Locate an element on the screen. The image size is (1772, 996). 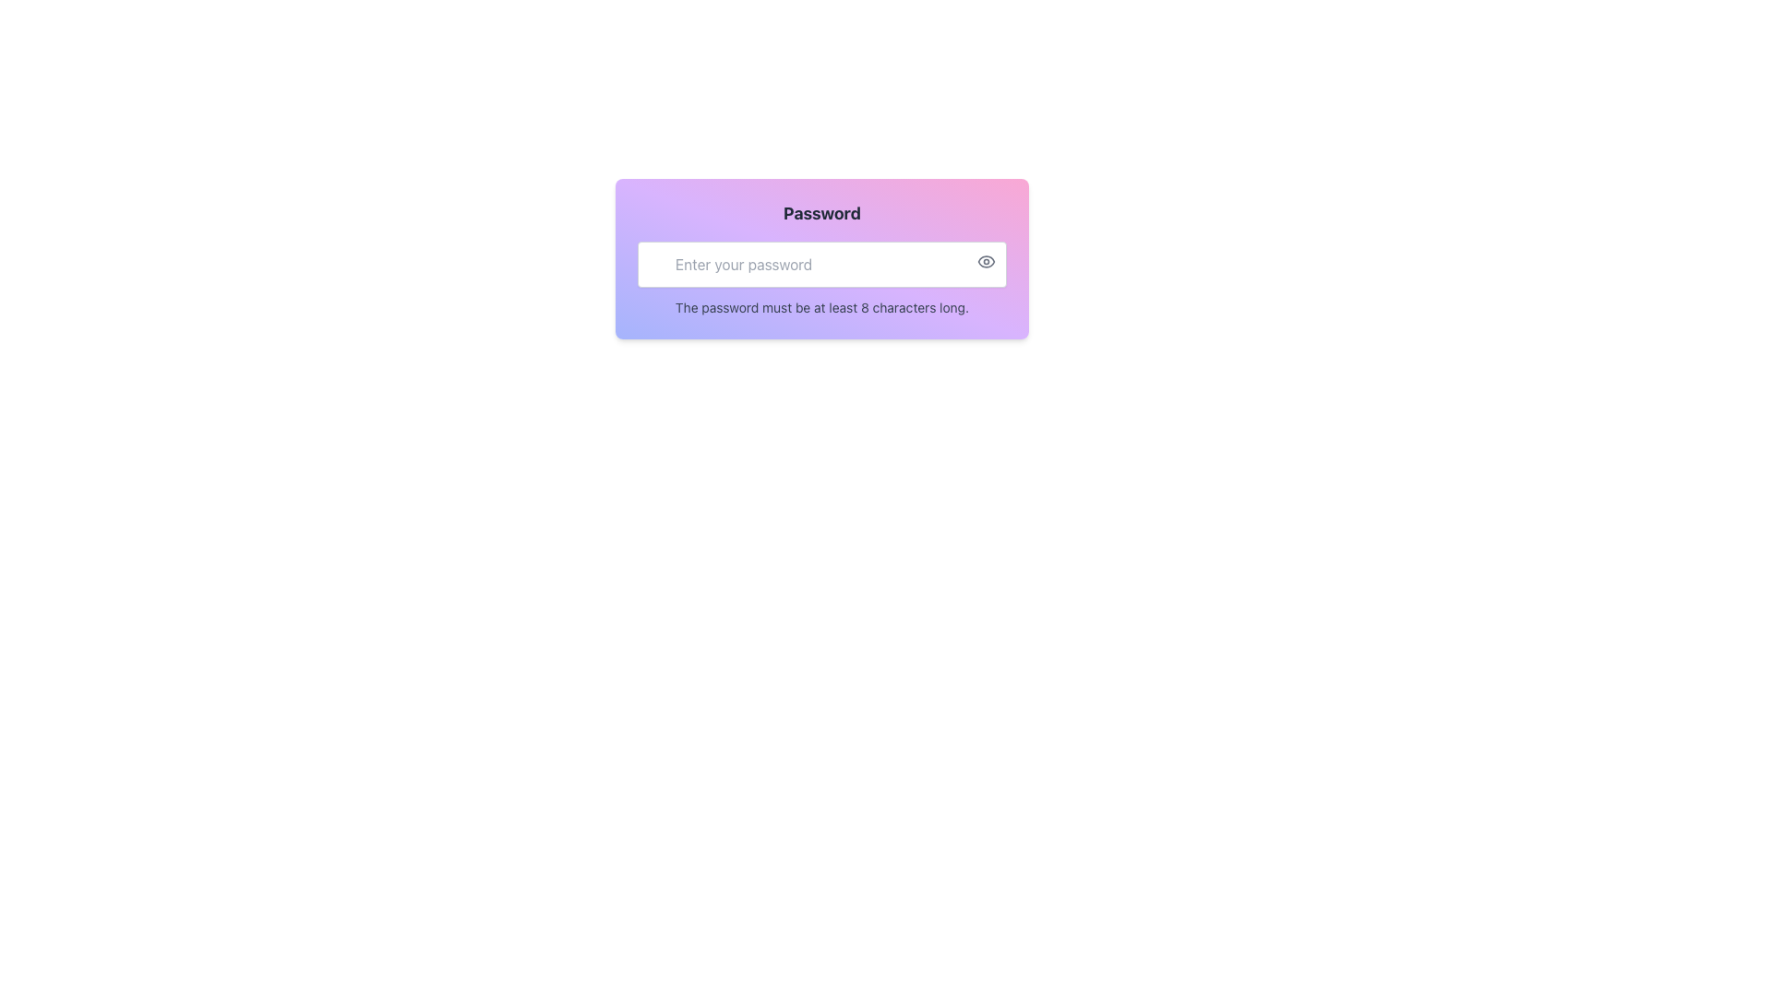
the static text label displaying 'Password' which is bold and prominently positioned at the top of a gradient-colored section is located at coordinates (821, 212).